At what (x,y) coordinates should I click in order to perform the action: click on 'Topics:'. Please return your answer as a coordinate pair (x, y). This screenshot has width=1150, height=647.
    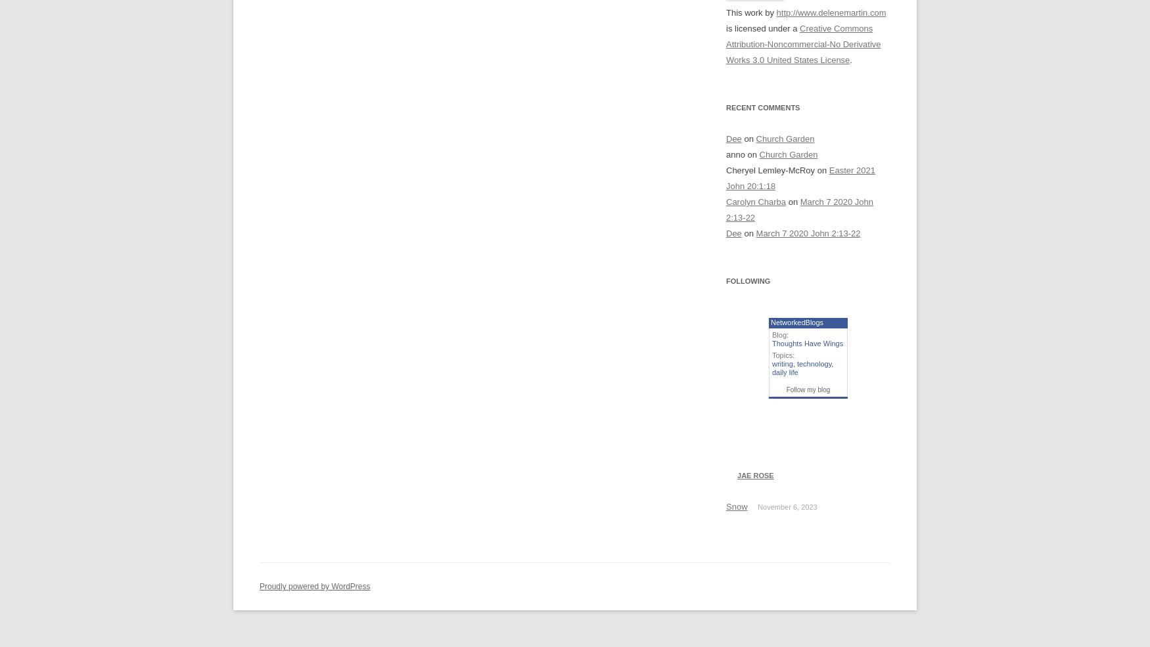
    Looking at the image, I should click on (783, 355).